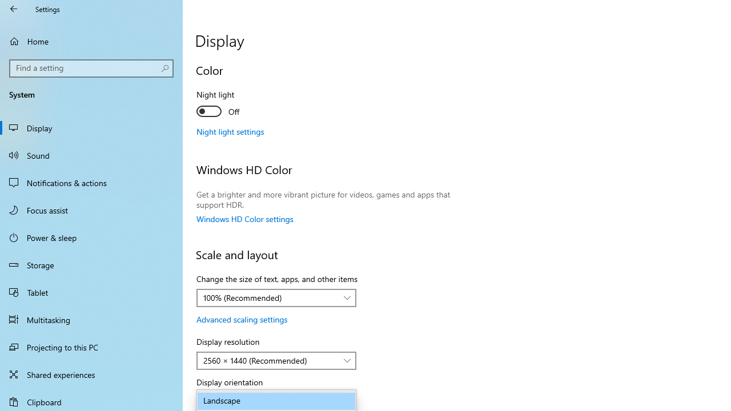 The image size is (731, 411). I want to click on 'Storage', so click(91, 265).